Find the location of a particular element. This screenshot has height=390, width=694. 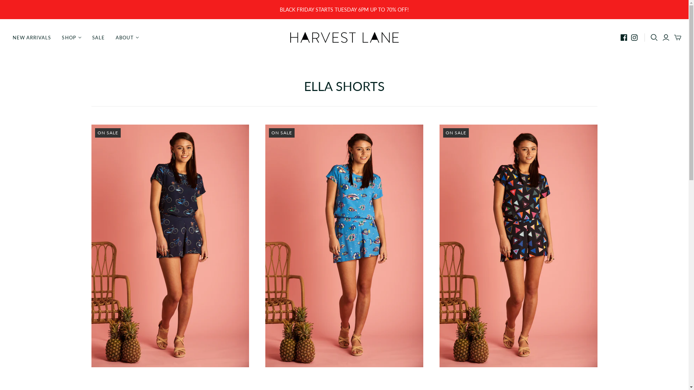

'BLACK FRIDAY STARTS TUESDAY 6PM UP TO 70% OFF!' is located at coordinates (344, 9).